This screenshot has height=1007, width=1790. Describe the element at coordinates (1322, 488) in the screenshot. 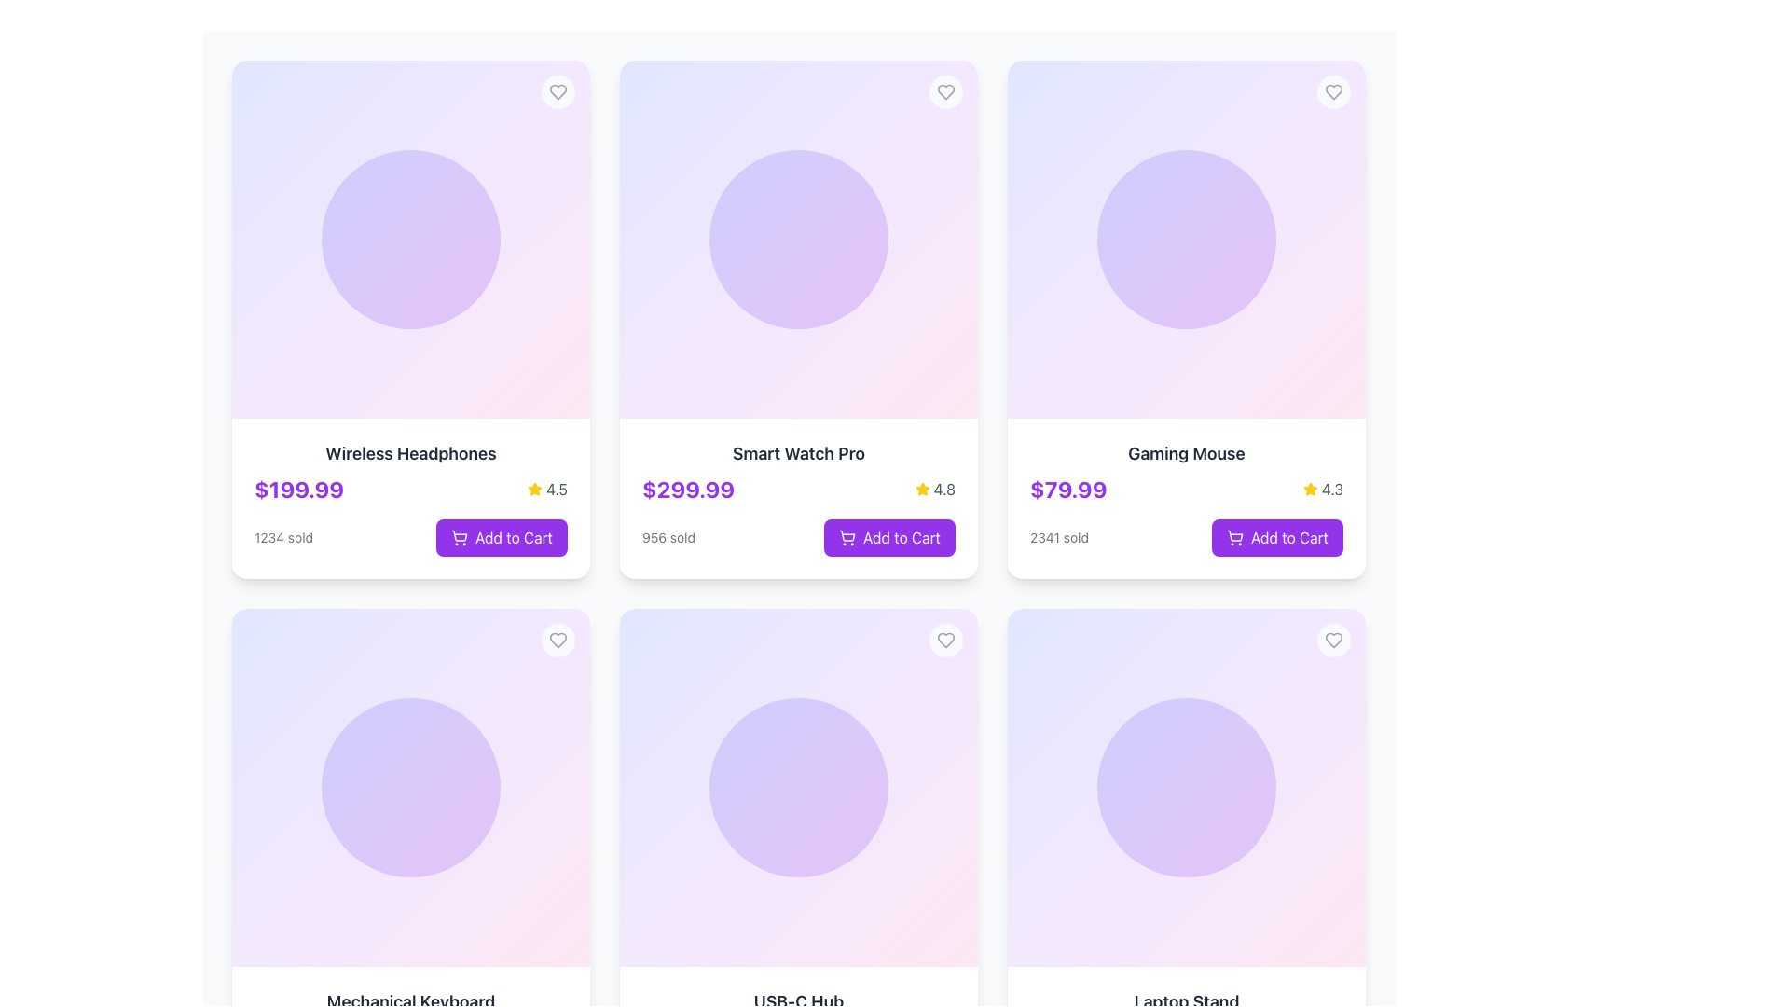

I see `the rating element of the 'Gaming Mouse' card, which consists of a star icon and the rating value '4.3', located in the top-right corner of the card` at that location.